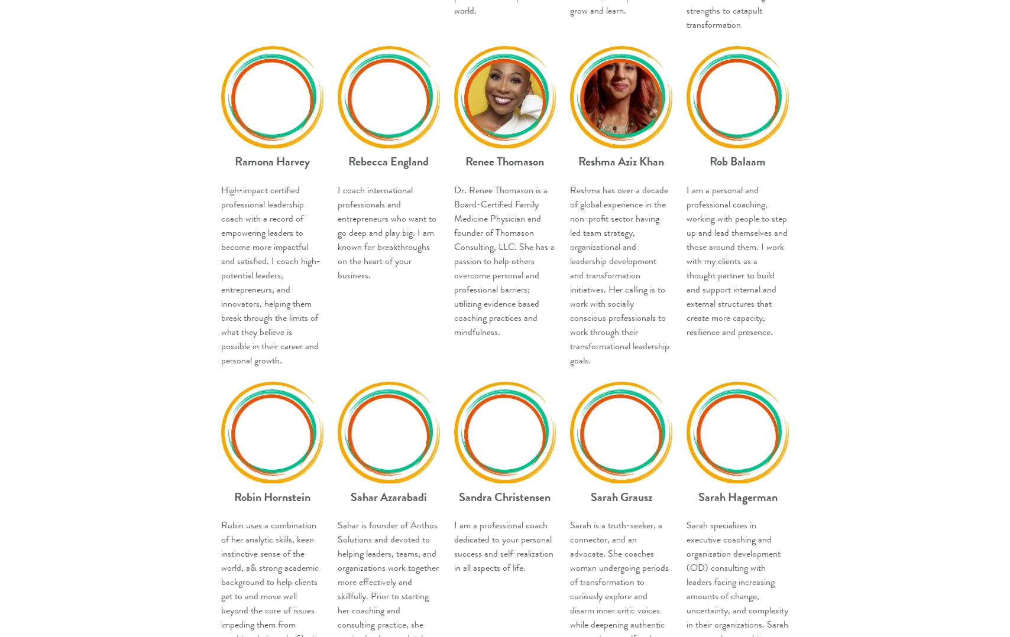 Image resolution: width=1010 pixels, height=637 pixels. I want to click on 'Sandra Christensen', so click(504, 496).